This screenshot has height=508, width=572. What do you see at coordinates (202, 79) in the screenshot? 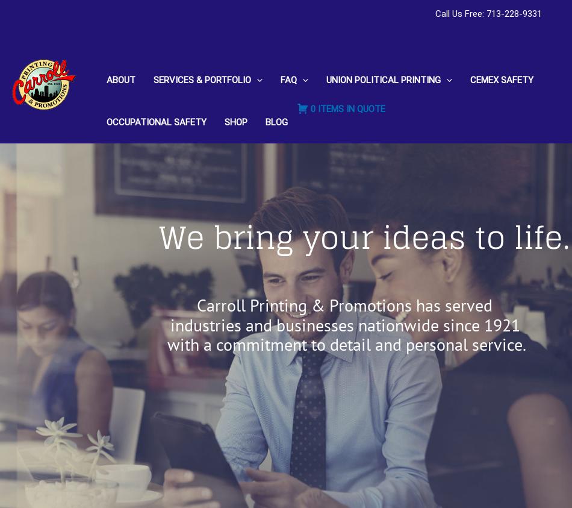
I see `'Services & Portfolio'` at bounding box center [202, 79].